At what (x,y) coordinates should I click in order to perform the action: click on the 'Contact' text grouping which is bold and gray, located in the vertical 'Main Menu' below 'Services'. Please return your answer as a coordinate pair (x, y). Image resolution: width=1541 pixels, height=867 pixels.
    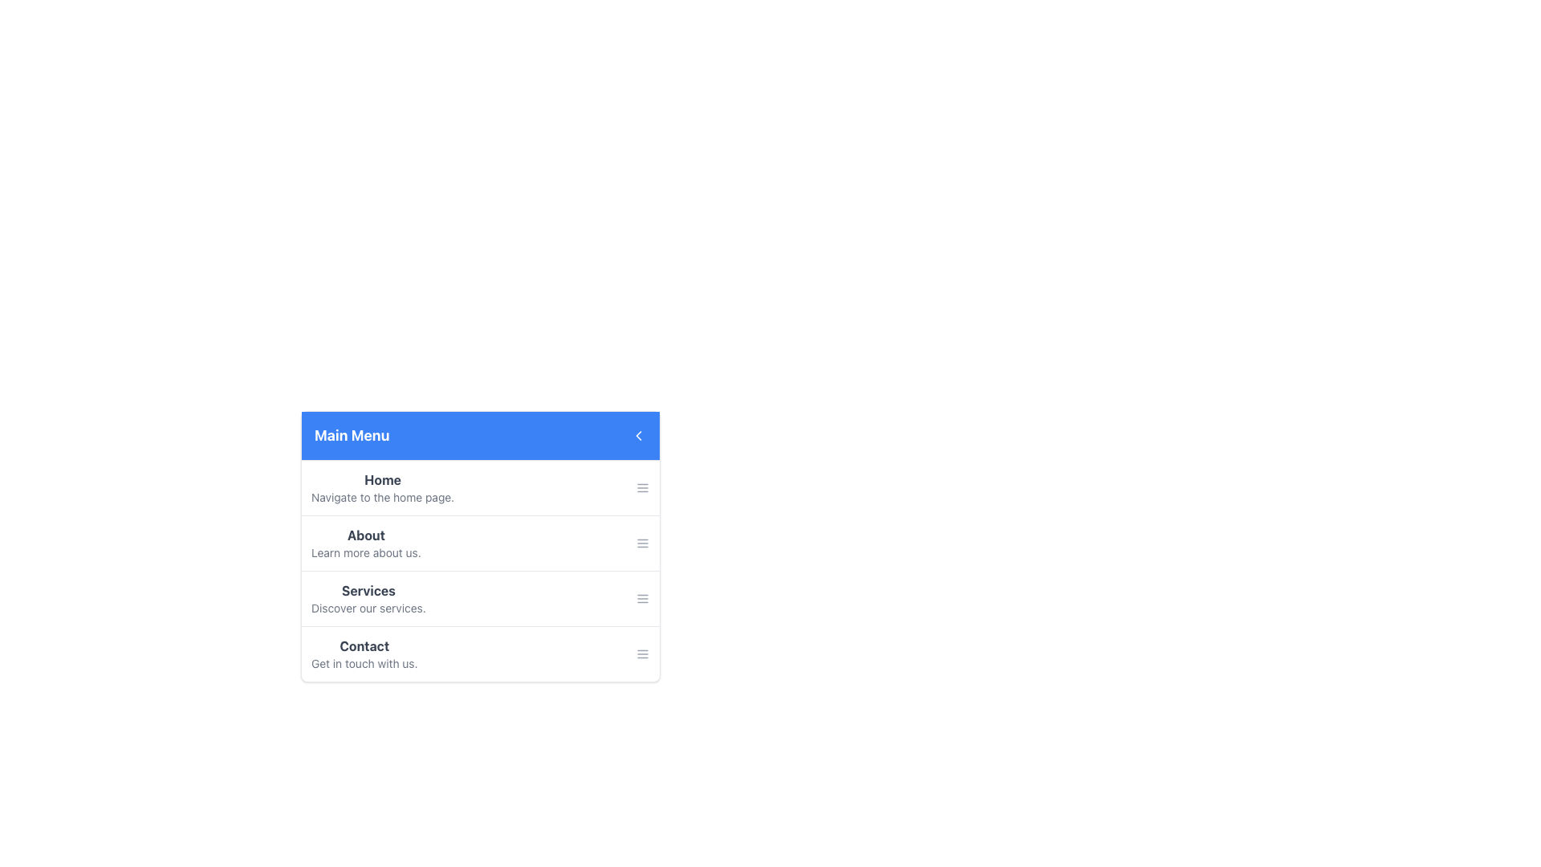
    Looking at the image, I should click on (364, 653).